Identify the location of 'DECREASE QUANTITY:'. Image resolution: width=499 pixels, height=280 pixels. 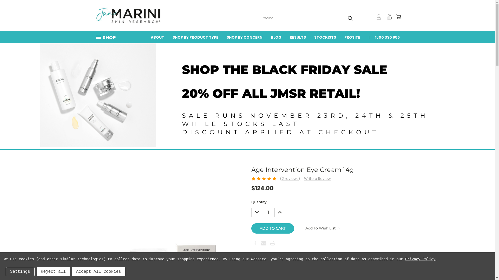
(251, 212).